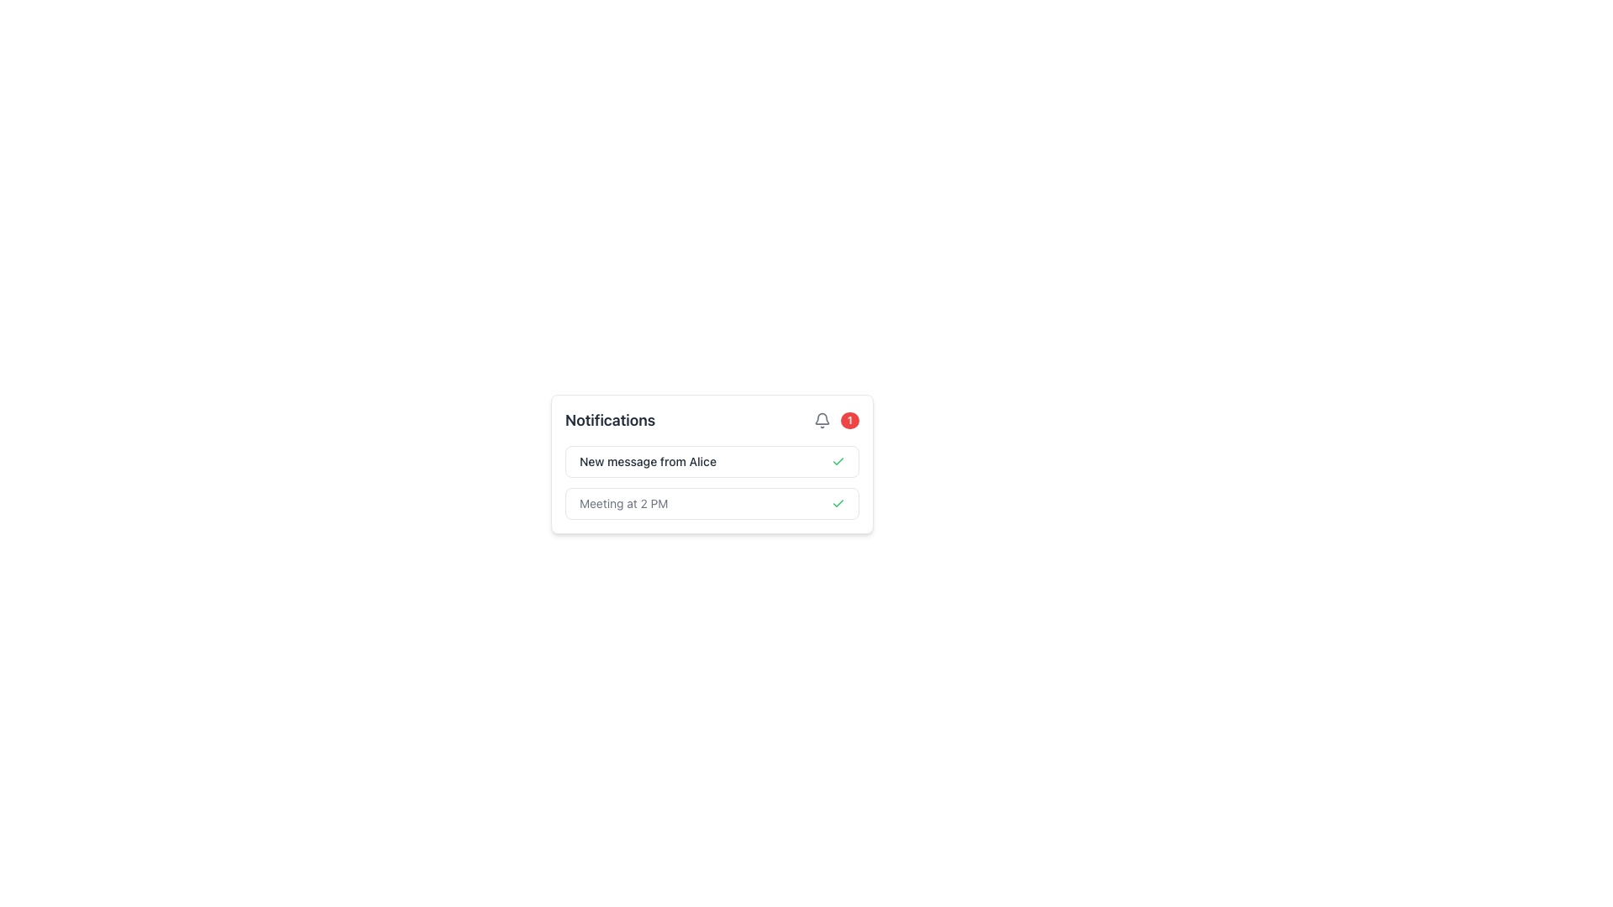  I want to click on the second notification entry regarding a scheduled meeting at 2 PM in the Notifications menu to interact with it, so click(712, 503).